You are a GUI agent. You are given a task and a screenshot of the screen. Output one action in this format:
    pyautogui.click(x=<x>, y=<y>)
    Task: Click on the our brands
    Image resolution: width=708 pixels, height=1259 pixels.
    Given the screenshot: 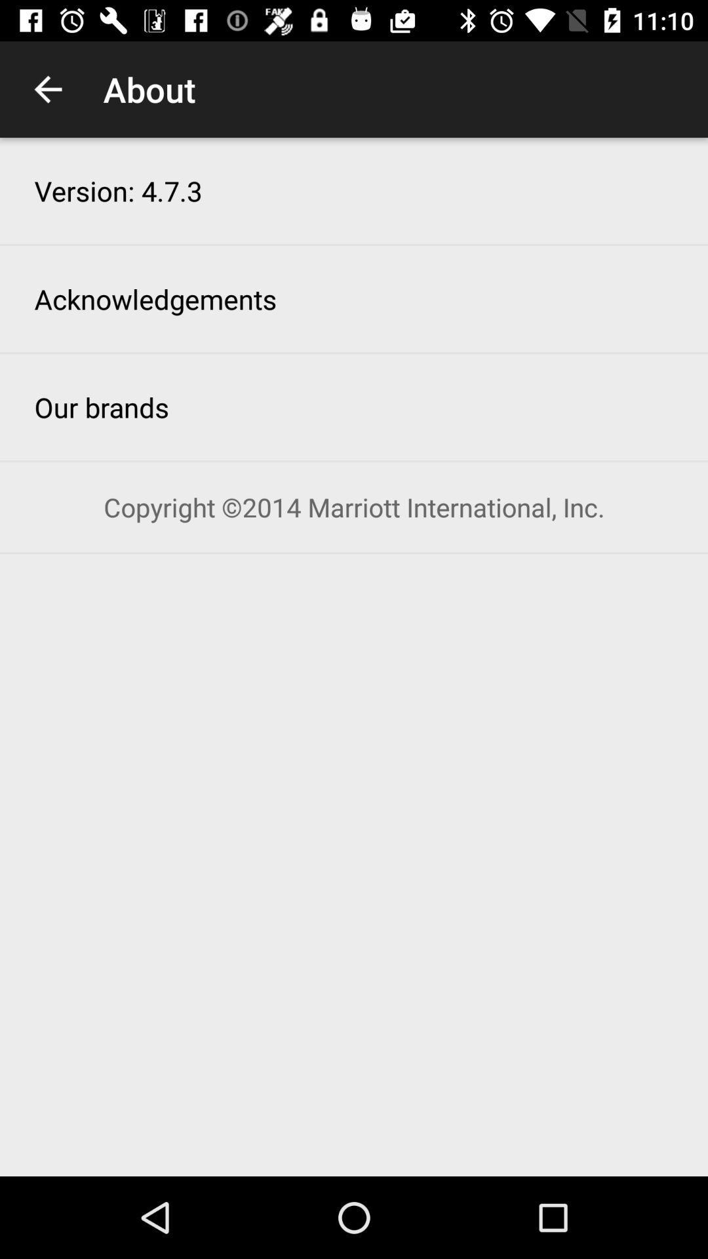 What is the action you would take?
    pyautogui.click(x=101, y=406)
    